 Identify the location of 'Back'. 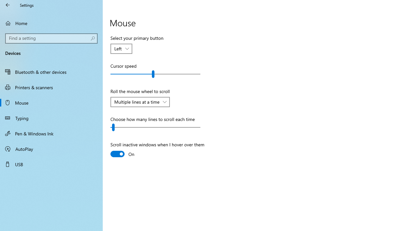
(8, 5).